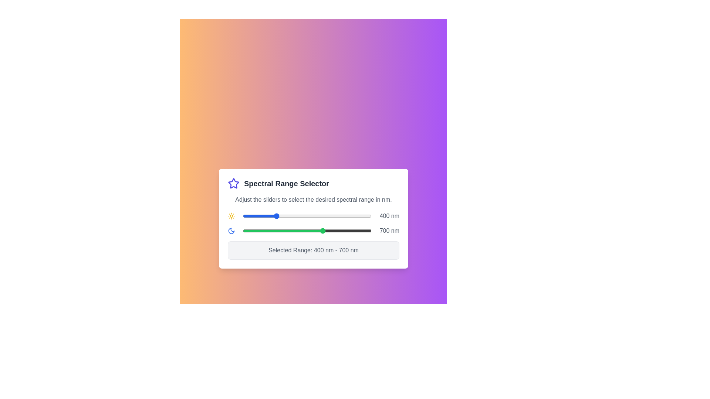 This screenshot has height=399, width=710. What do you see at coordinates (338, 230) in the screenshot?
I see `the end slider to set the upper limit of the spectral range to 793 nm` at bounding box center [338, 230].